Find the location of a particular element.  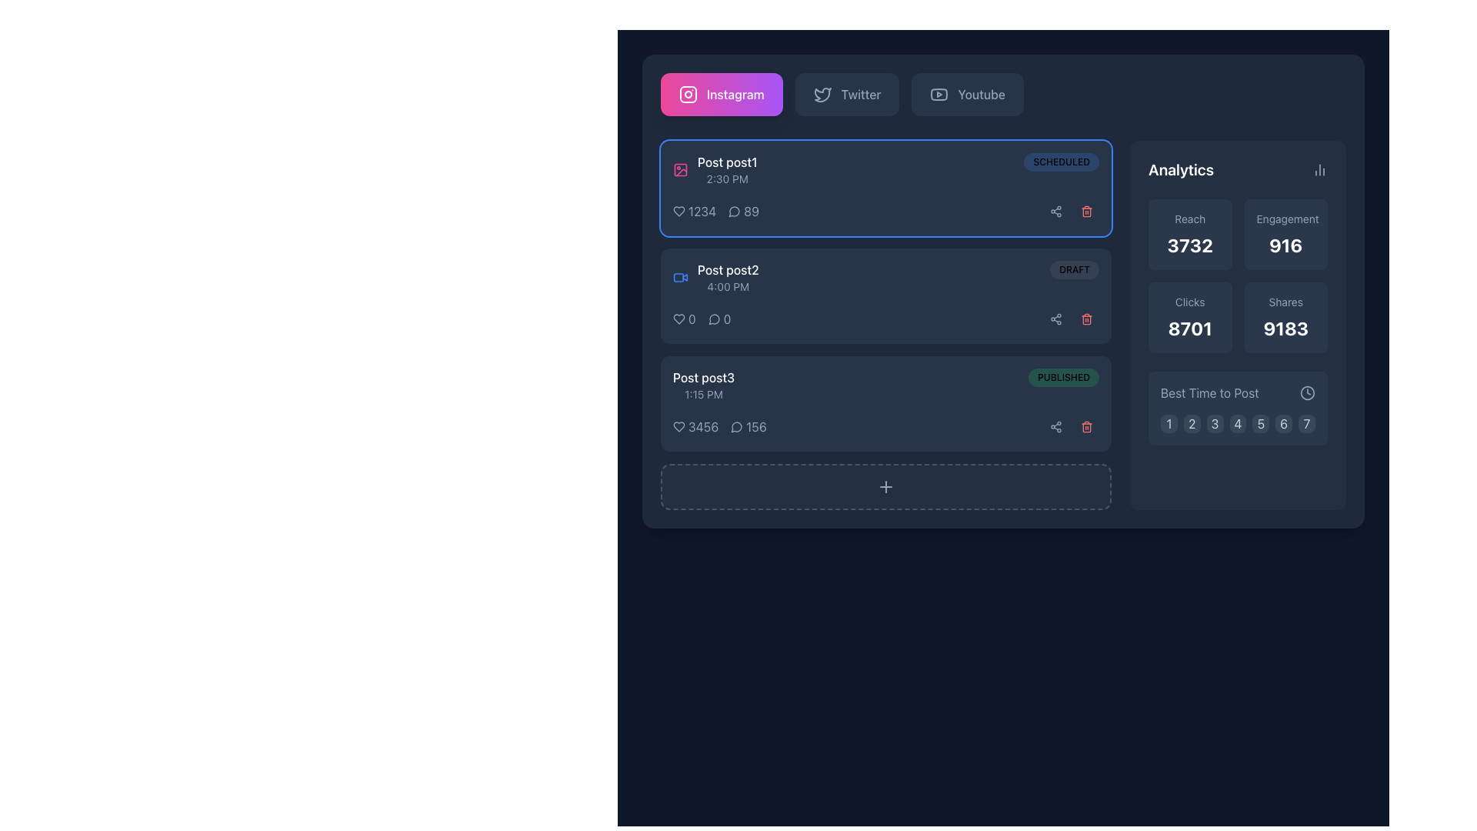

the circular share icon positioned in the bottom row of action buttons adjacent to 'Post post3 - 1:15 PM' is located at coordinates (1055, 427).